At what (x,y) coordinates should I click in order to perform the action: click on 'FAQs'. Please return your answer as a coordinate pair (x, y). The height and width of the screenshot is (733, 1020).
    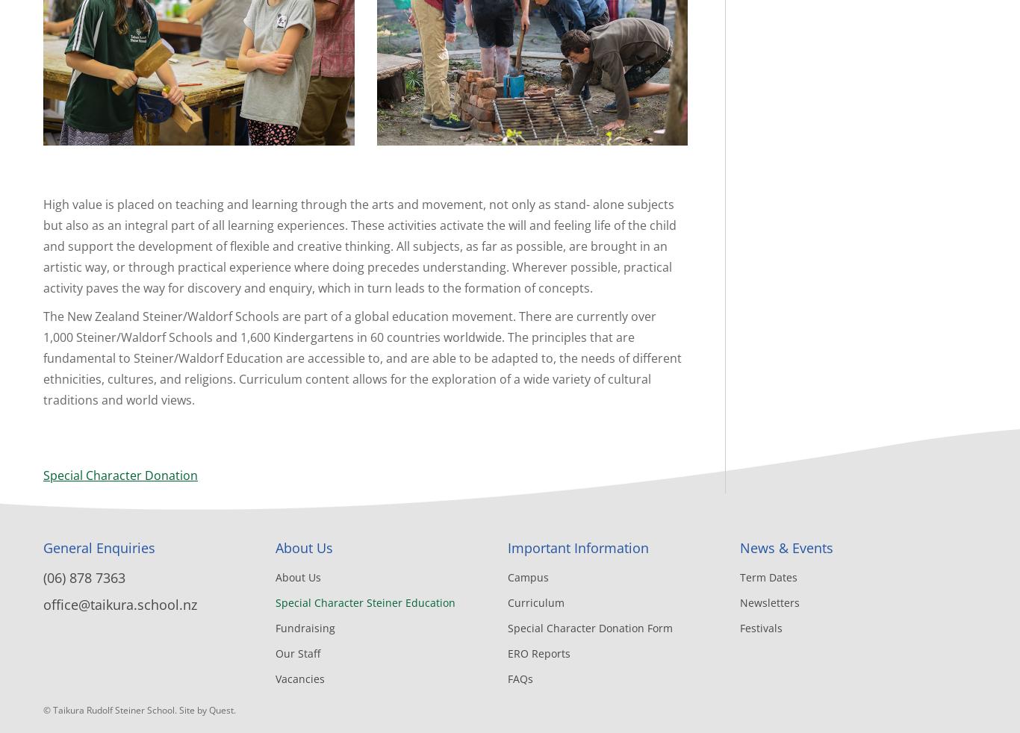
    Looking at the image, I should click on (520, 679).